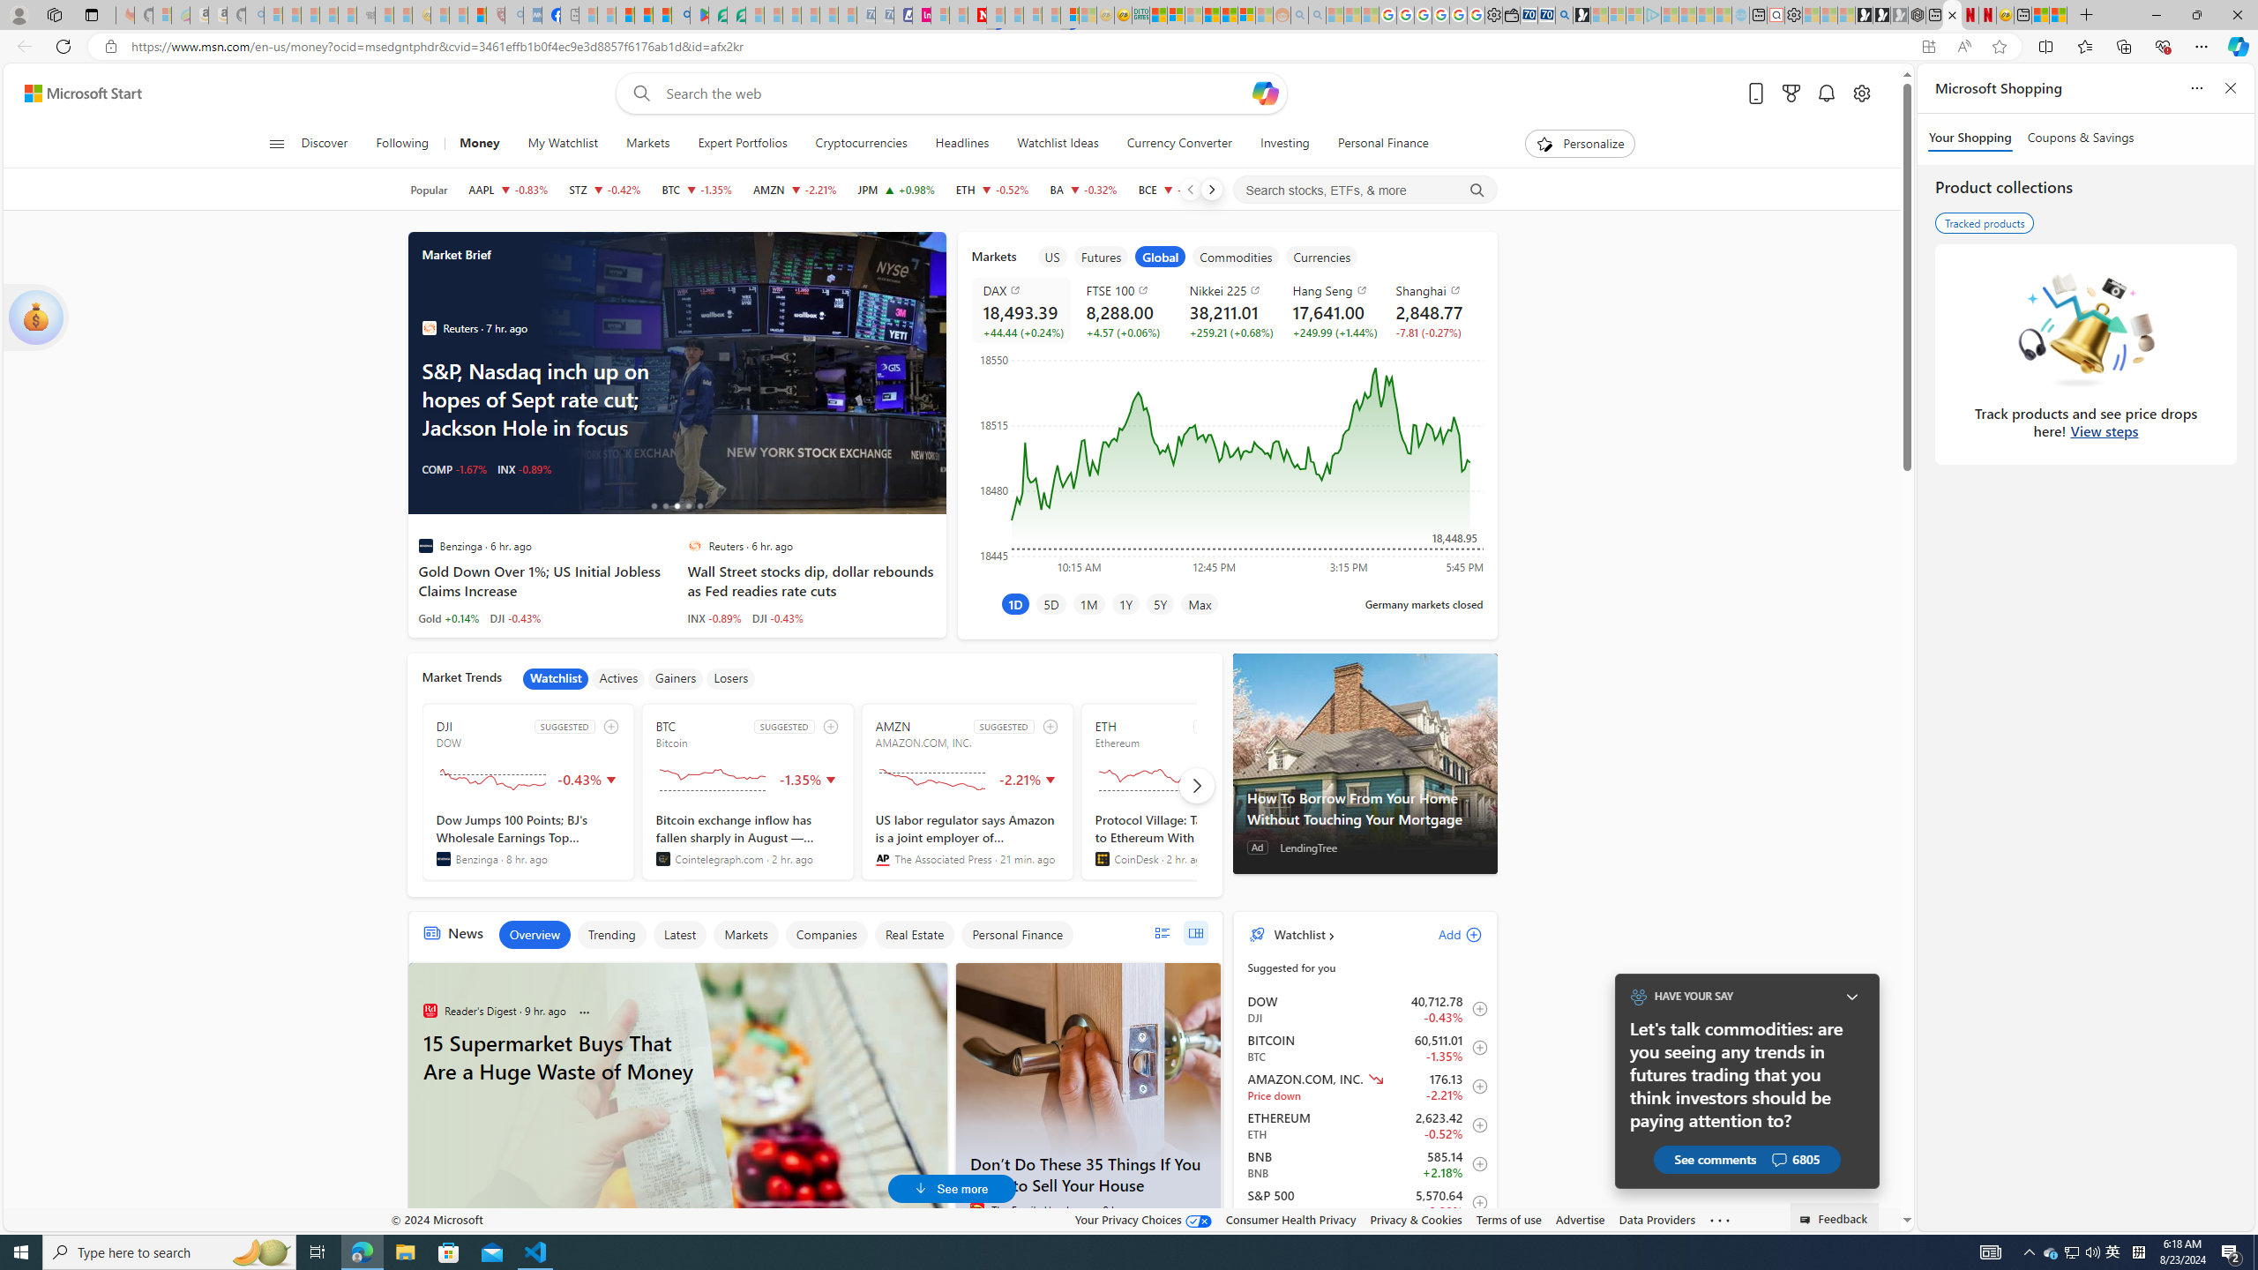 The width and height of the screenshot is (2258, 1270). Describe the element at coordinates (513, 14) in the screenshot. I see `'list of asthma inhalers uk - Search - Sleeping'` at that location.